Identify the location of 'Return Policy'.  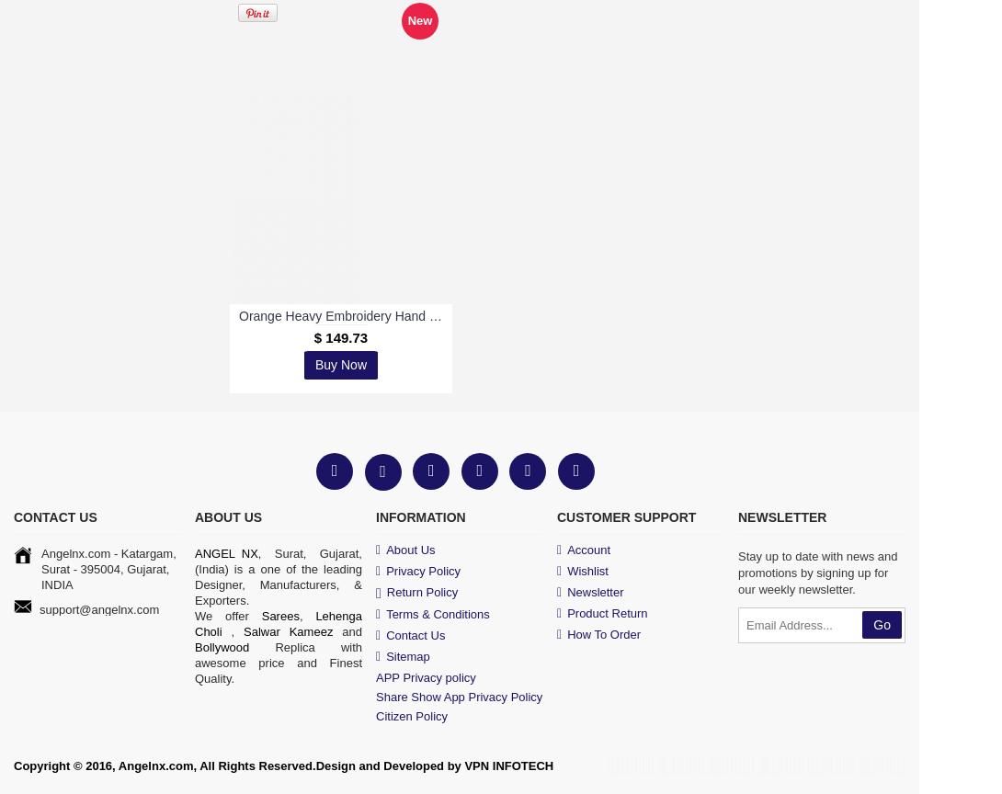
(420, 591).